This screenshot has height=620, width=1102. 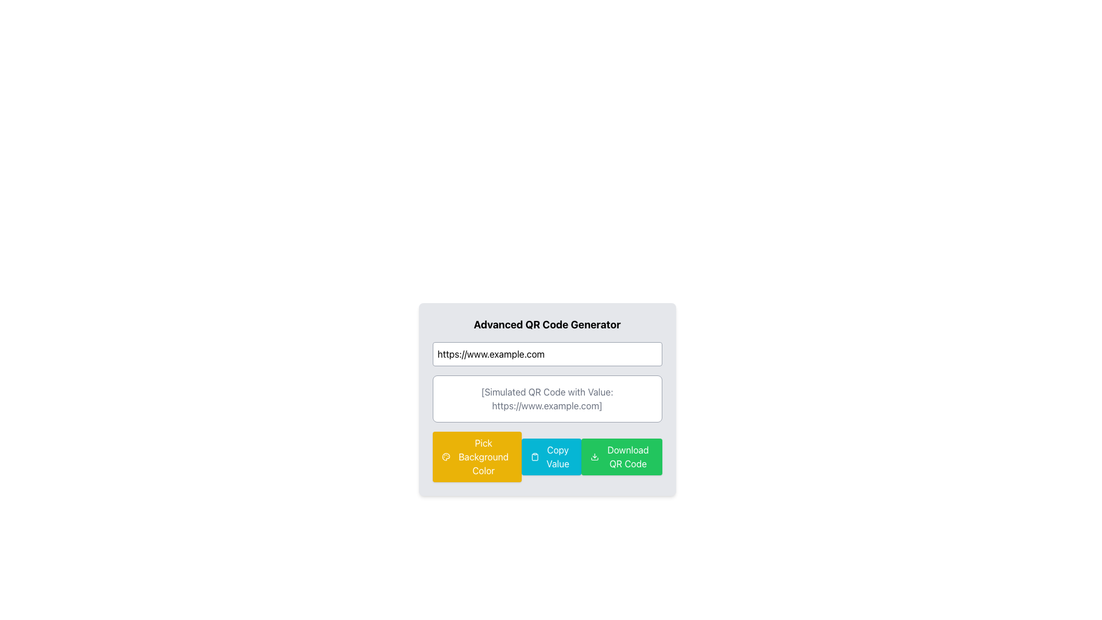 I want to click on the 'Pick Background Color' button, which is a yellow rectangular button with rounded corners, containing white text and a palette icon, located below the QR code section, so click(x=477, y=456).